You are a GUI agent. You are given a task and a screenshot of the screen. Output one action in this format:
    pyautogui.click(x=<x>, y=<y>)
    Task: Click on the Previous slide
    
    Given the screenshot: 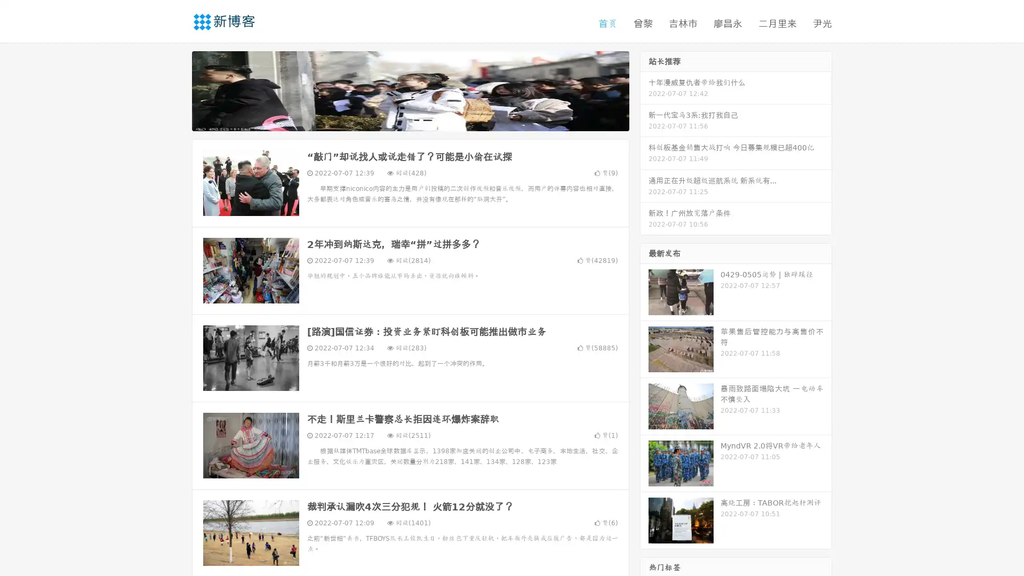 What is the action you would take?
    pyautogui.click(x=176, y=90)
    